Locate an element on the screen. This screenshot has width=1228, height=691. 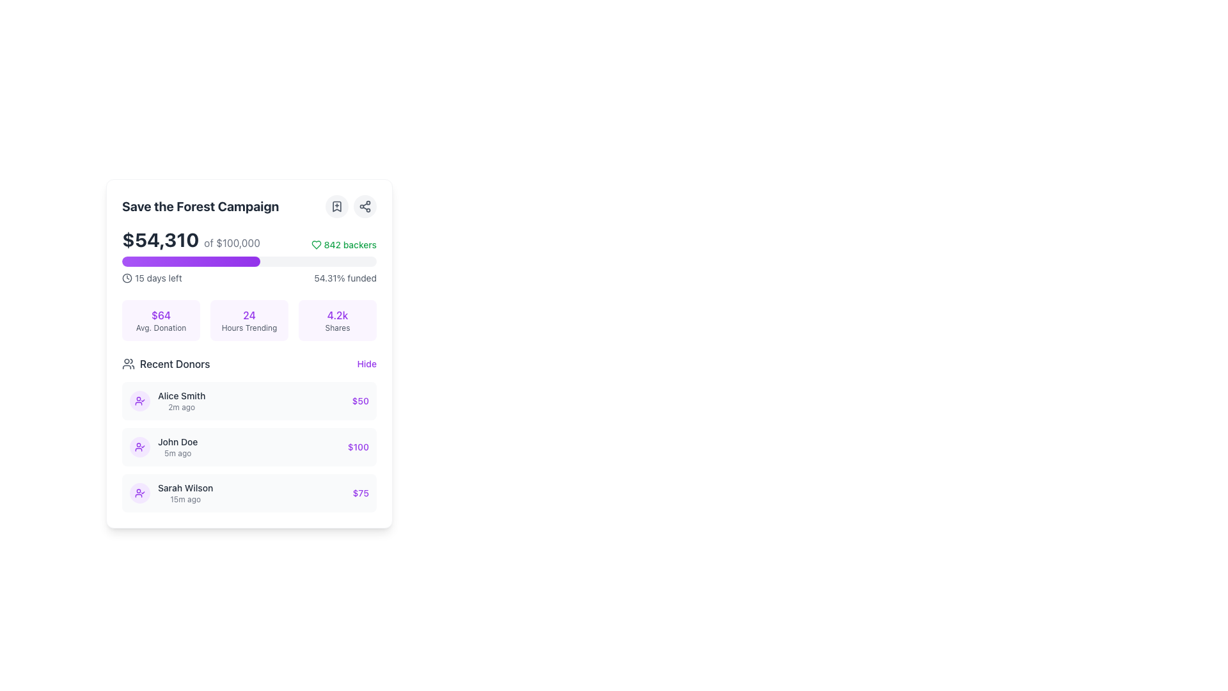
the icon of the 'Alice Smith' donor entry in the 'Recent Donors' list is located at coordinates (167, 401).